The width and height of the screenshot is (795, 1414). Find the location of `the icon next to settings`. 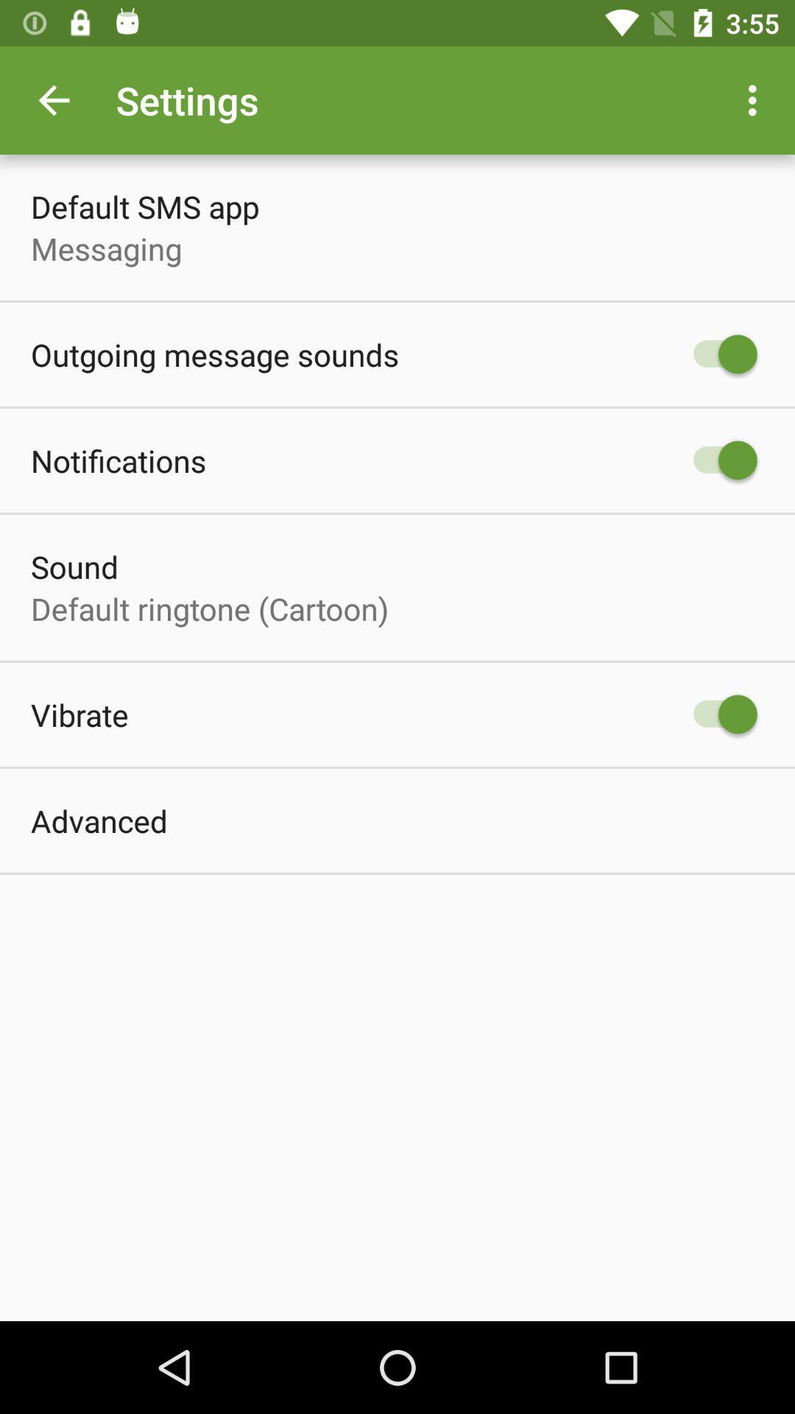

the icon next to settings is located at coordinates (53, 99).